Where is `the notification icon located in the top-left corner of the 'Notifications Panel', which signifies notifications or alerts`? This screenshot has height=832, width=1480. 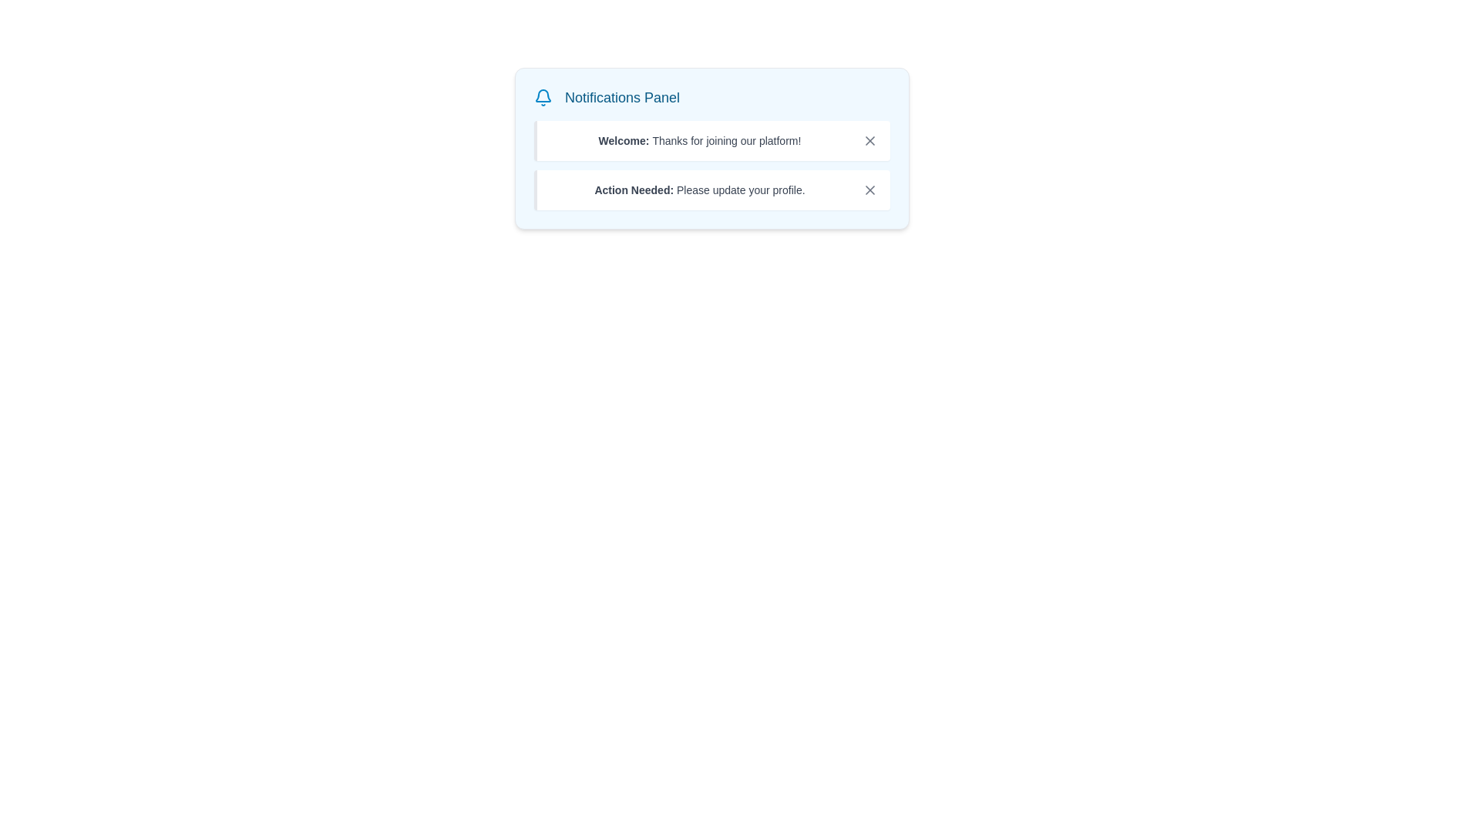
the notification icon located in the top-left corner of the 'Notifications Panel', which signifies notifications or alerts is located at coordinates (543, 98).